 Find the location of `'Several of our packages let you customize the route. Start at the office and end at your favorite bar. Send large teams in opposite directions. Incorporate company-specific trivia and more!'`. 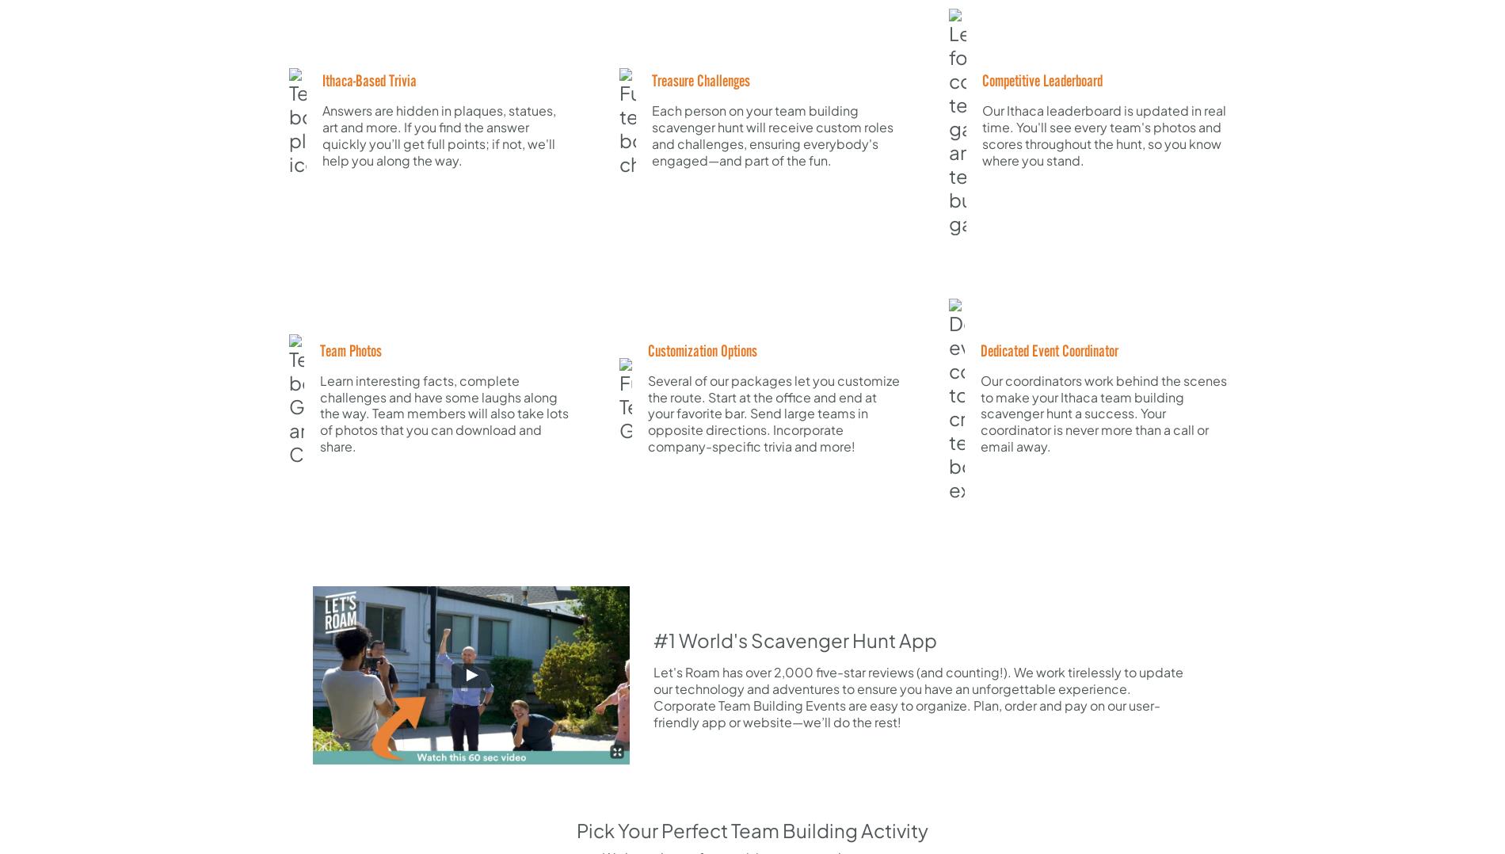

'Several of our packages let you customize the route. Start at the office and end at your favorite bar. Send large teams in opposite directions. Incorporate company-specific trivia and more!' is located at coordinates (773, 412).